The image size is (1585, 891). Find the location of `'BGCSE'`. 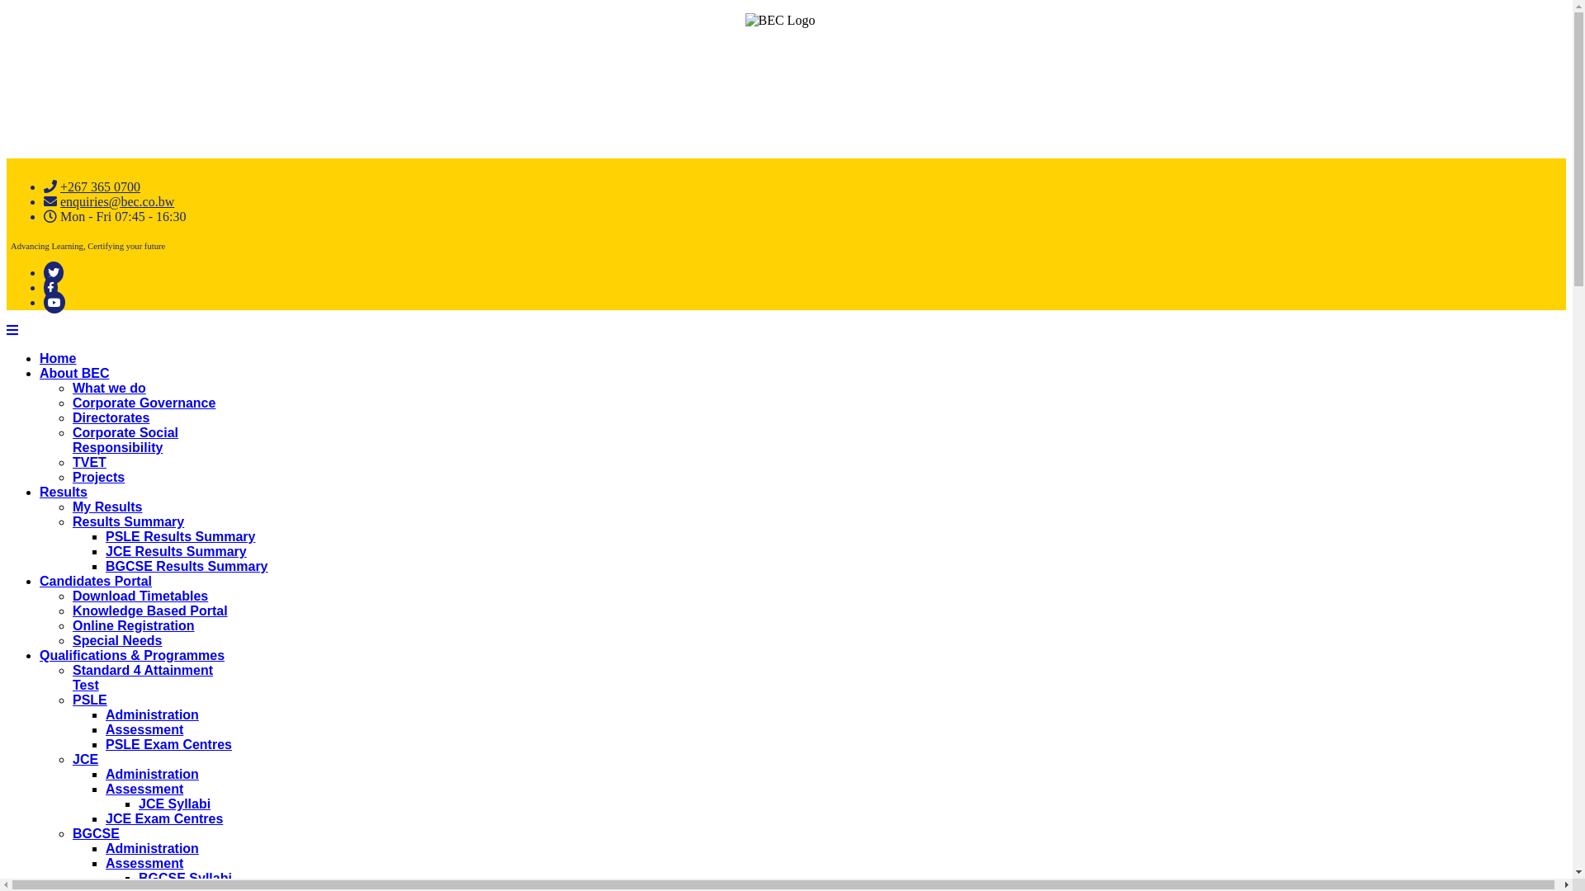

'BGCSE' is located at coordinates (95, 833).